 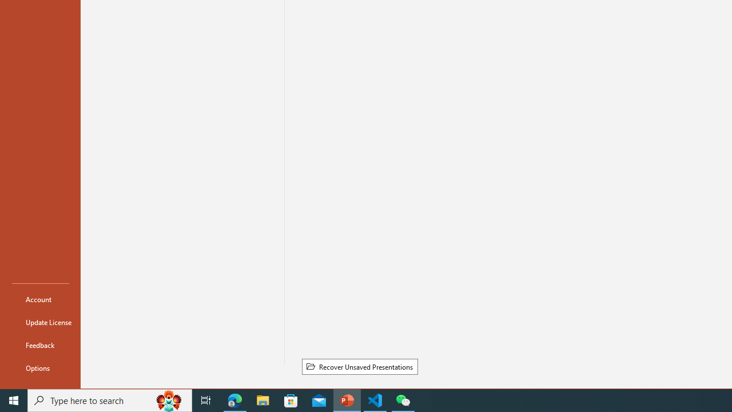 What do you see at coordinates (41, 322) in the screenshot?
I see `'Update License'` at bounding box center [41, 322].